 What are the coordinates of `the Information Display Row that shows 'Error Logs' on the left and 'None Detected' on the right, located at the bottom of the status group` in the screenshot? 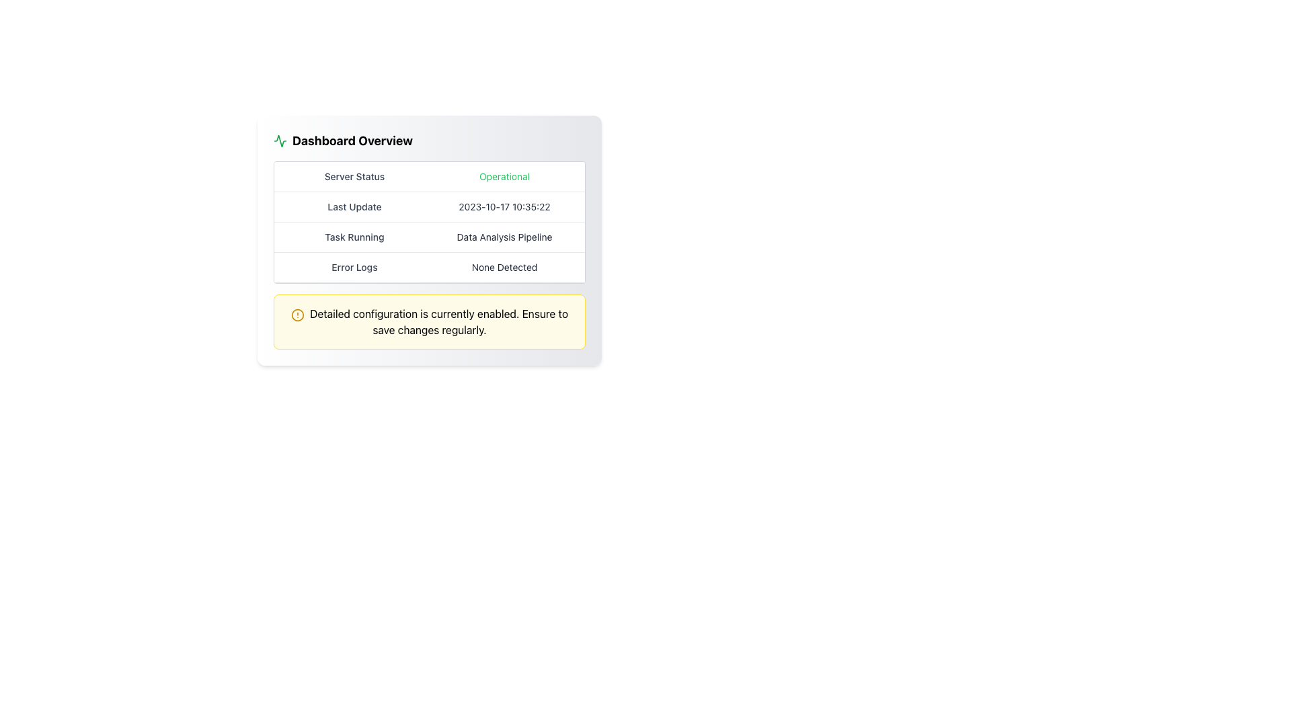 It's located at (428, 268).